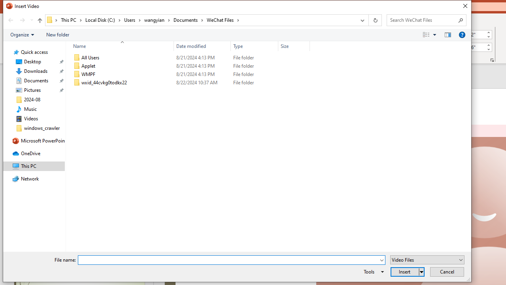  Describe the element at coordinates (368, 20) in the screenshot. I see `'Address band toolbar'` at that location.